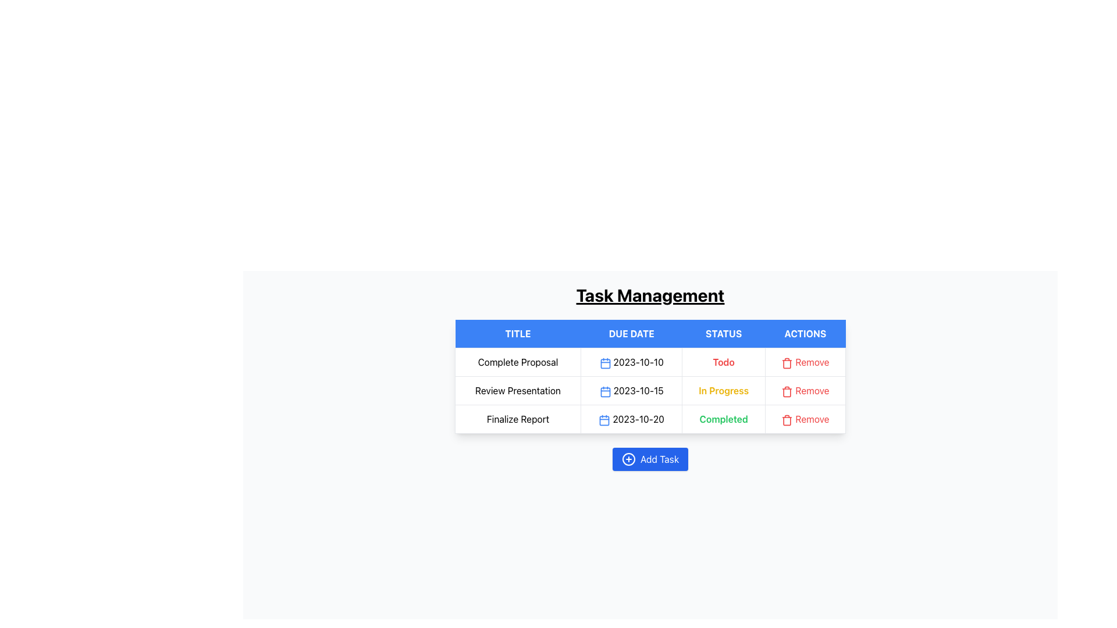 This screenshot has width=1117, height=628. I want to click on the trash can icon in the 'Remove' button within the 'Actions' column to trigger the tooltip or highlight effect, so click(787, 362).